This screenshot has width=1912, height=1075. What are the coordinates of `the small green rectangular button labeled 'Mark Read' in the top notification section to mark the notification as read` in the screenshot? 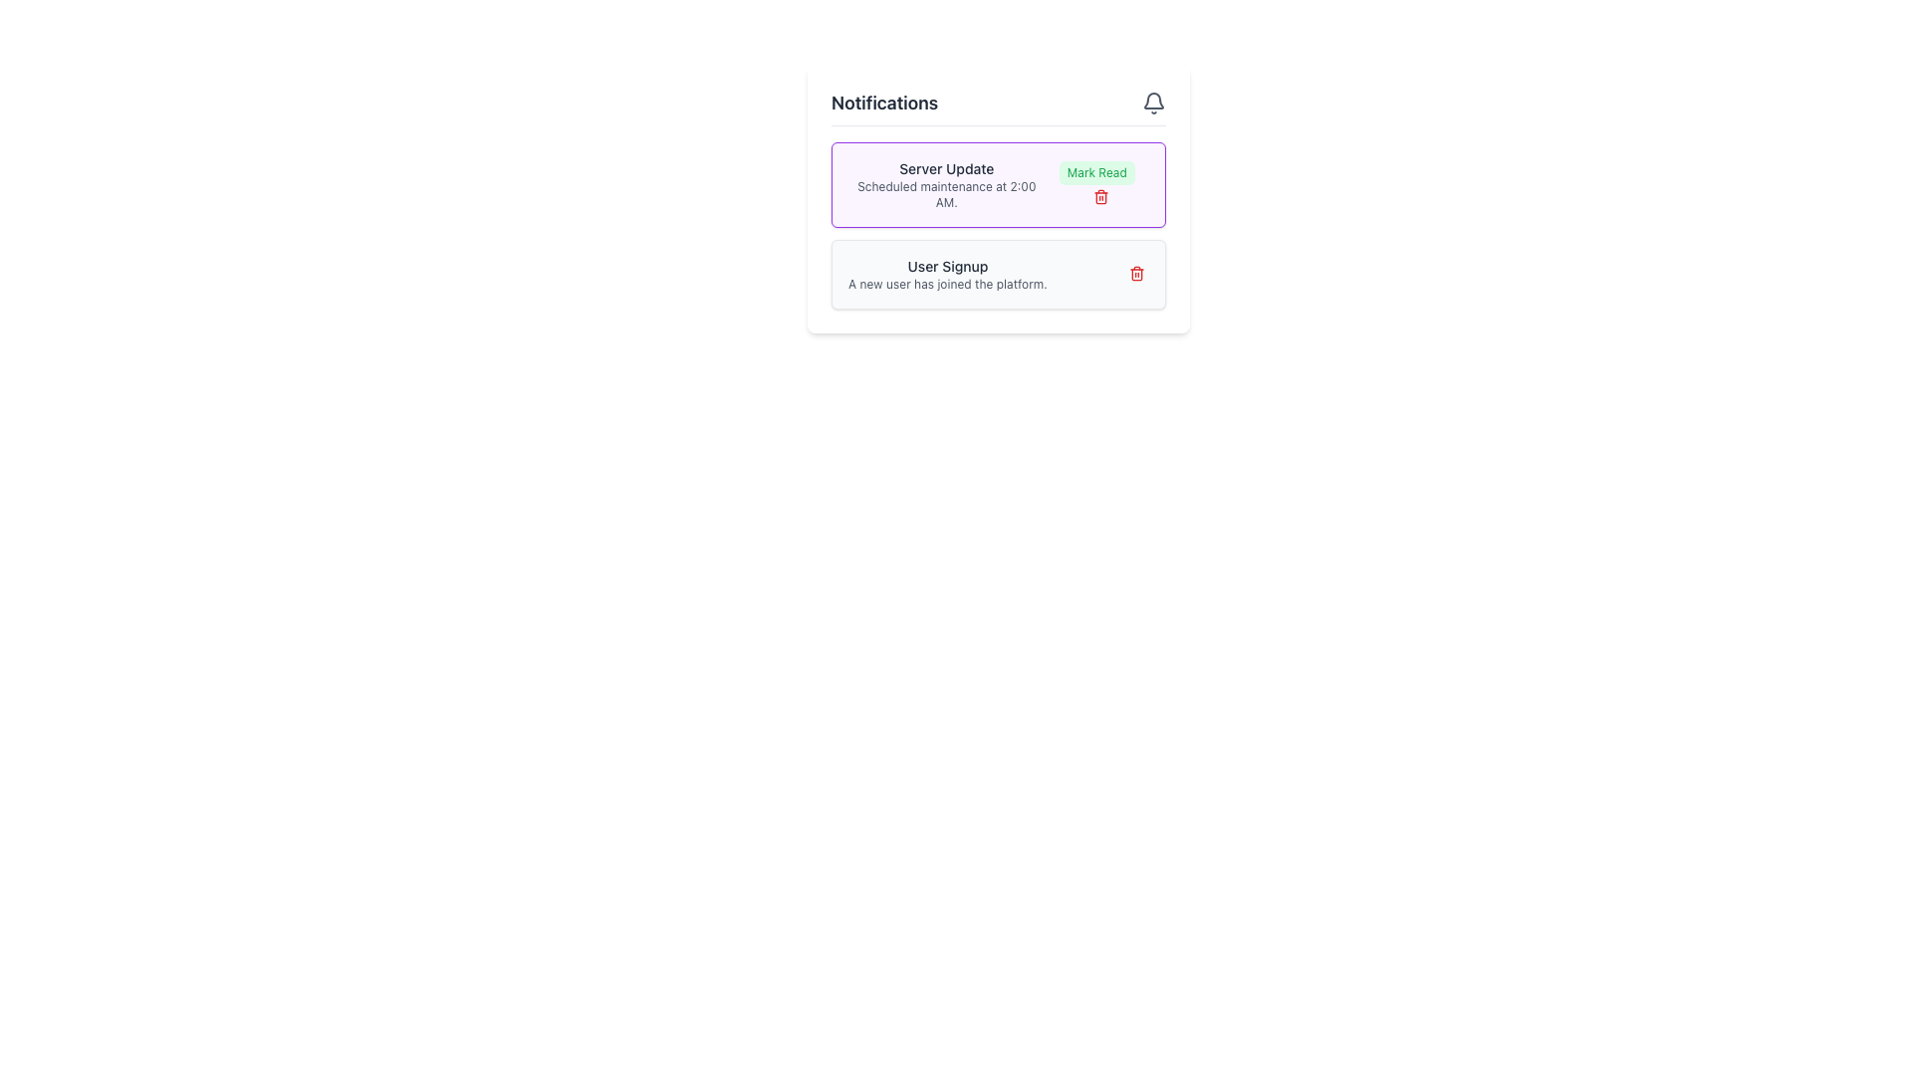 It's located at (1095, 184).